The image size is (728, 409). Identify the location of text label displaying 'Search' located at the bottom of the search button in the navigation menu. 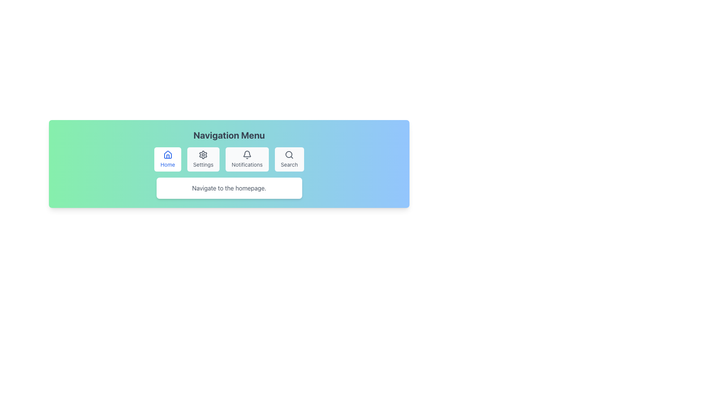
(289, 164).